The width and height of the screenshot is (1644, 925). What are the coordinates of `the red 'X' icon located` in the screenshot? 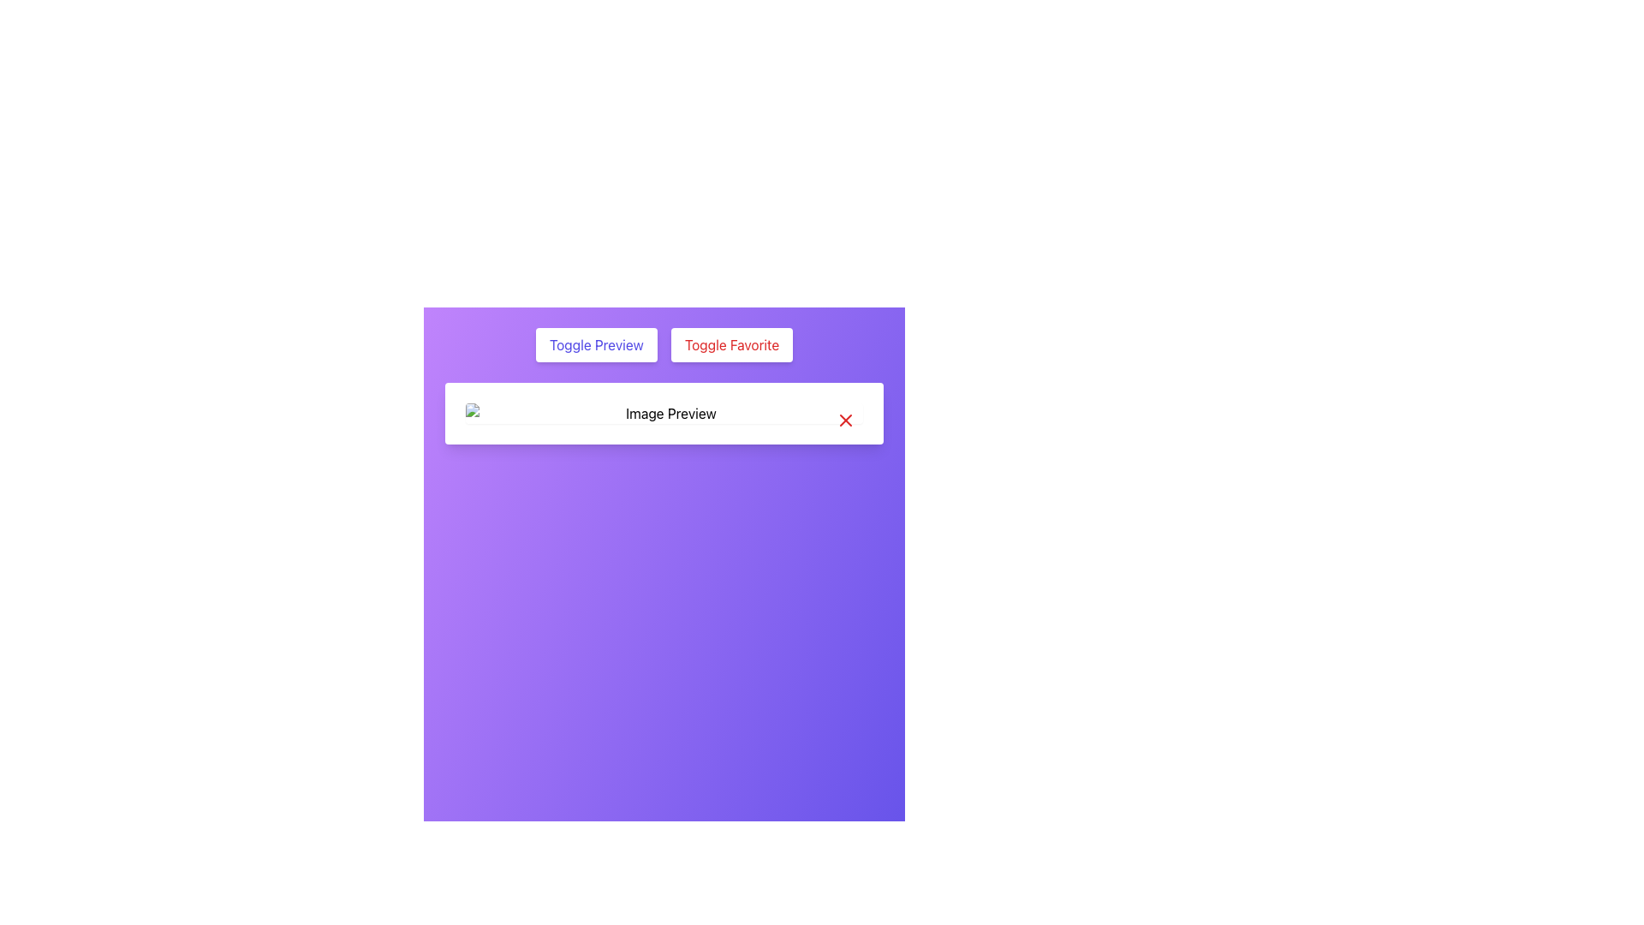 It's located at (846, 420).